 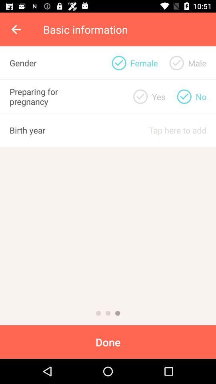 I want to click on click female, so click(x=118, y=62).